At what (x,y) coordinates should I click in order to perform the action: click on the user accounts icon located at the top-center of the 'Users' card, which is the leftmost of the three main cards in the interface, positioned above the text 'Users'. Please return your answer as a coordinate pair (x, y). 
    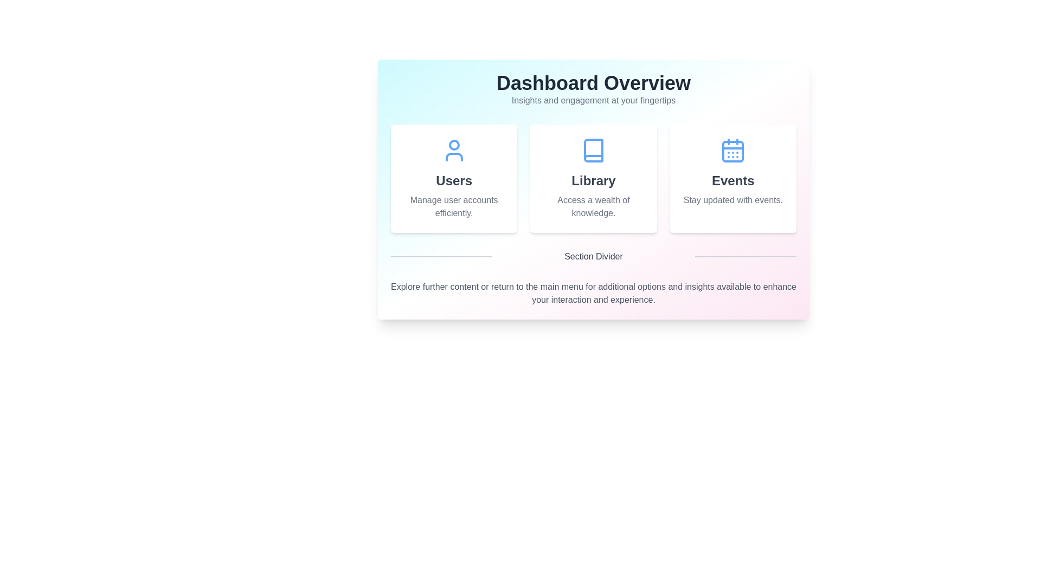
    Looking at the image, I should click on (454, 150).